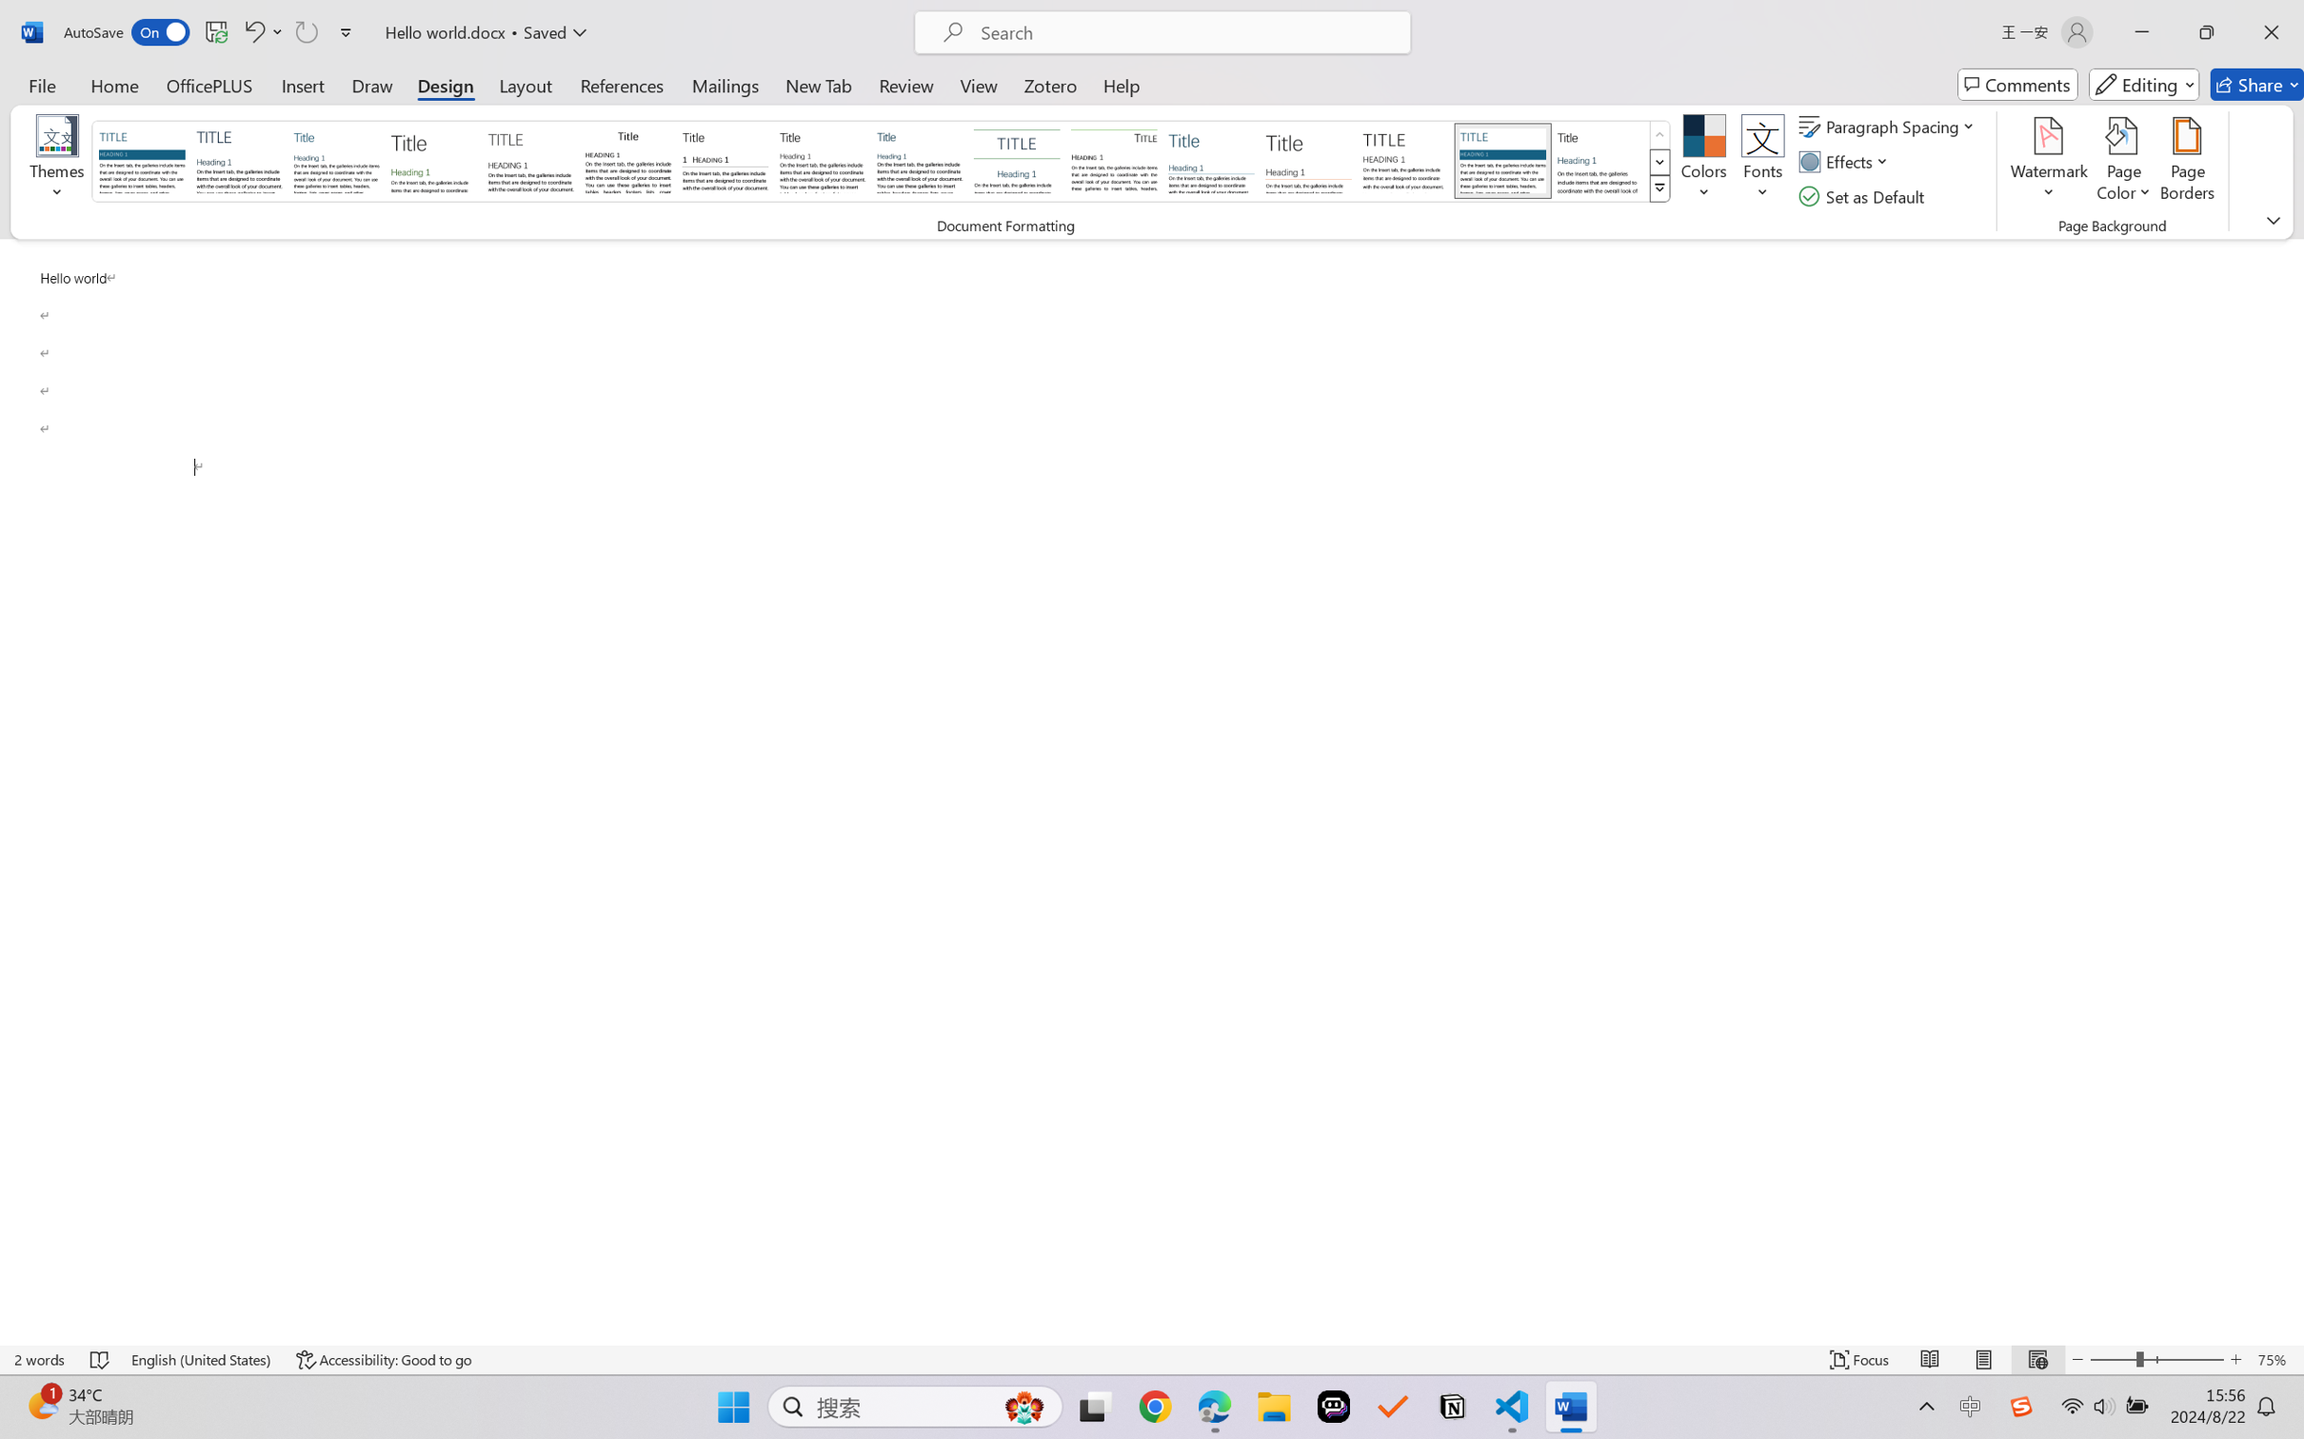 This screenshot has width=2304, height=1439. What do you see at coordinates (2157, 1359) in the screenshot?
I see `'Zoom'` at bounding box center [2157, 1359].